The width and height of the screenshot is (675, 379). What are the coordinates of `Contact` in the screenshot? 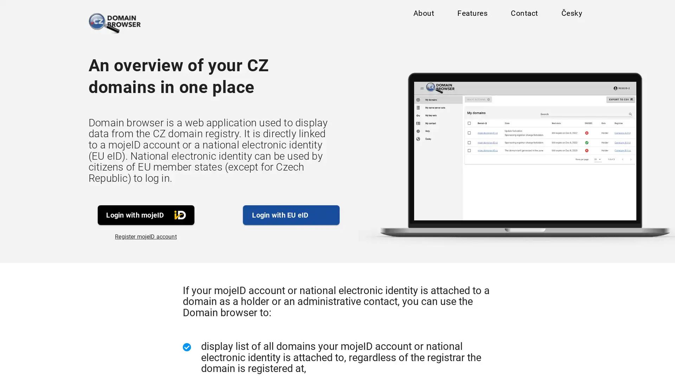 It's located at (524, 15).